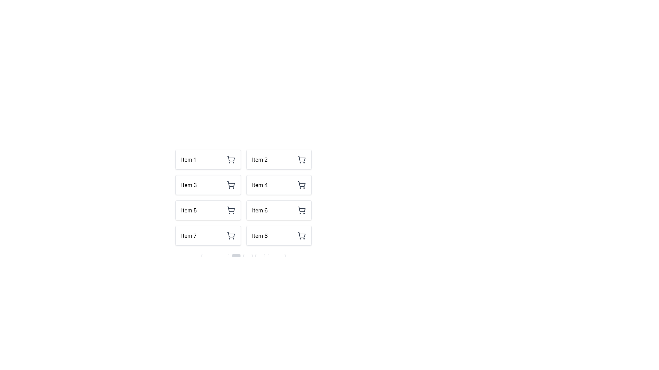 This screenshot has height=370, width=659. What do you see at coordinates (301, 184) in the screenshot?
I see `the shopping cart icon in the fourth column of the grid layout, which indicates cart-related functionality` at bounding box center [301, 184].